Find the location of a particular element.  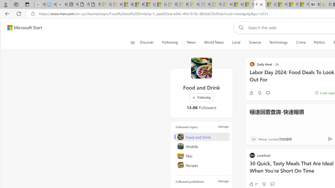

'Microsoft Services Agreement - Sleeping' is located at coordinates (116, 4).